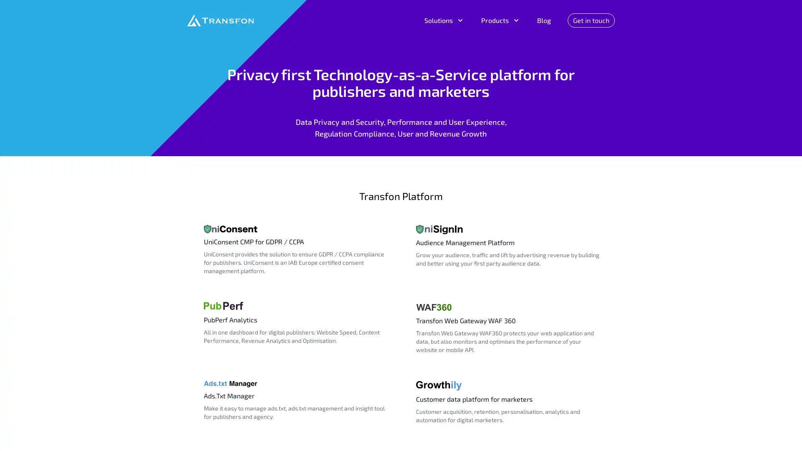 Image resolution: width=802 pixels, height=451 pixels. What do you see at coordinates (150, 436) in the screenshot?
I see `Agree and proceed` at bounding box center [150, 436].